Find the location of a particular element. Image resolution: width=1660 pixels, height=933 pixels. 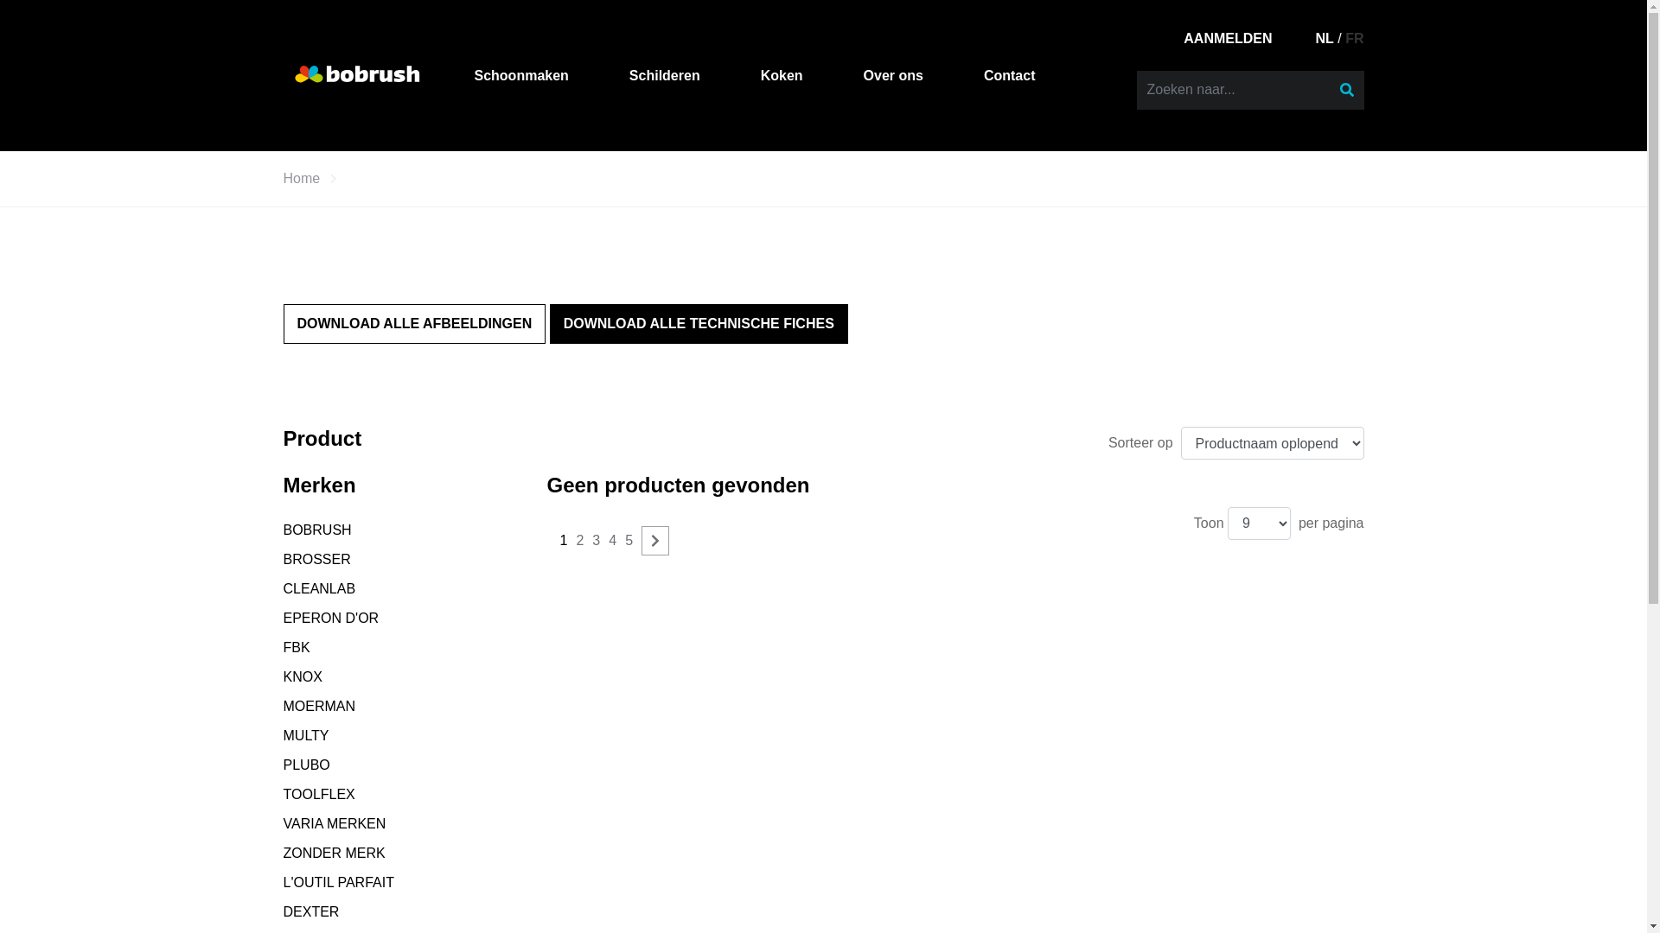

'TOOLFLEX' is located at coordinates (283, 795).